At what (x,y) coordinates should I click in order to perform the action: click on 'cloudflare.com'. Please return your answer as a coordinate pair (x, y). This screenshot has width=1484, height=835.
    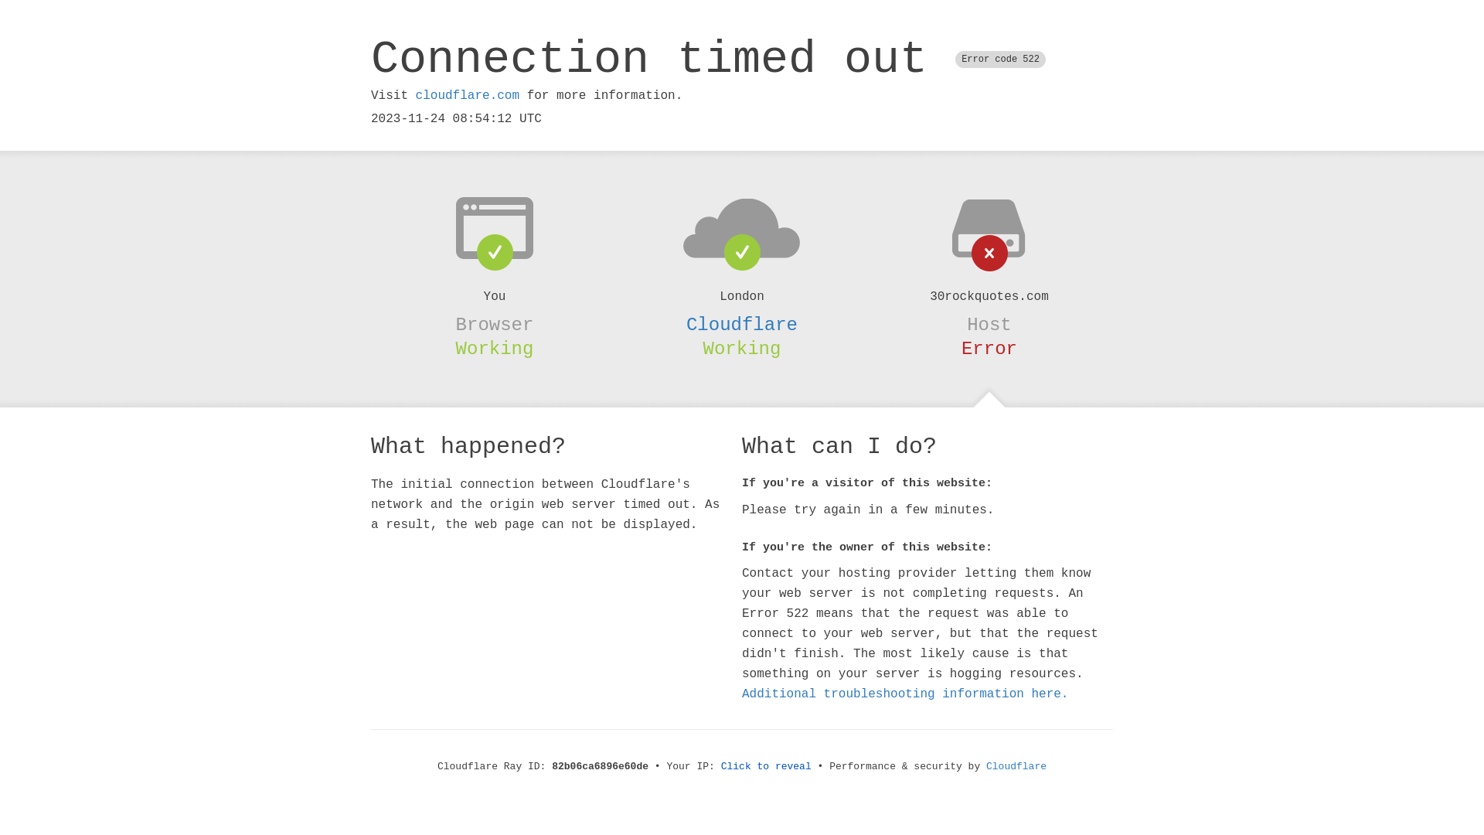
    Looking at the image, I should click on (466, 95).